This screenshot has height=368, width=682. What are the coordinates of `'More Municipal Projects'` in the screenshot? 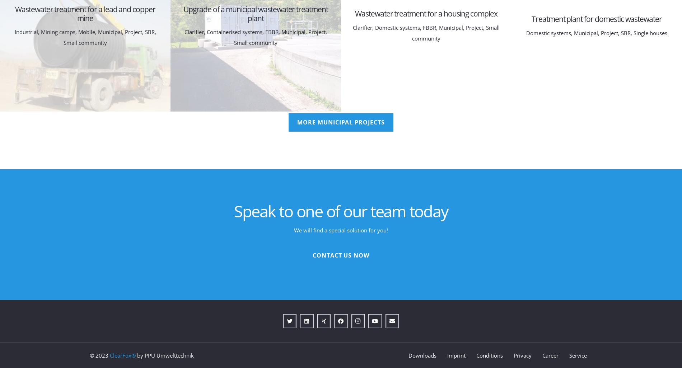 It's located at (340, 122).